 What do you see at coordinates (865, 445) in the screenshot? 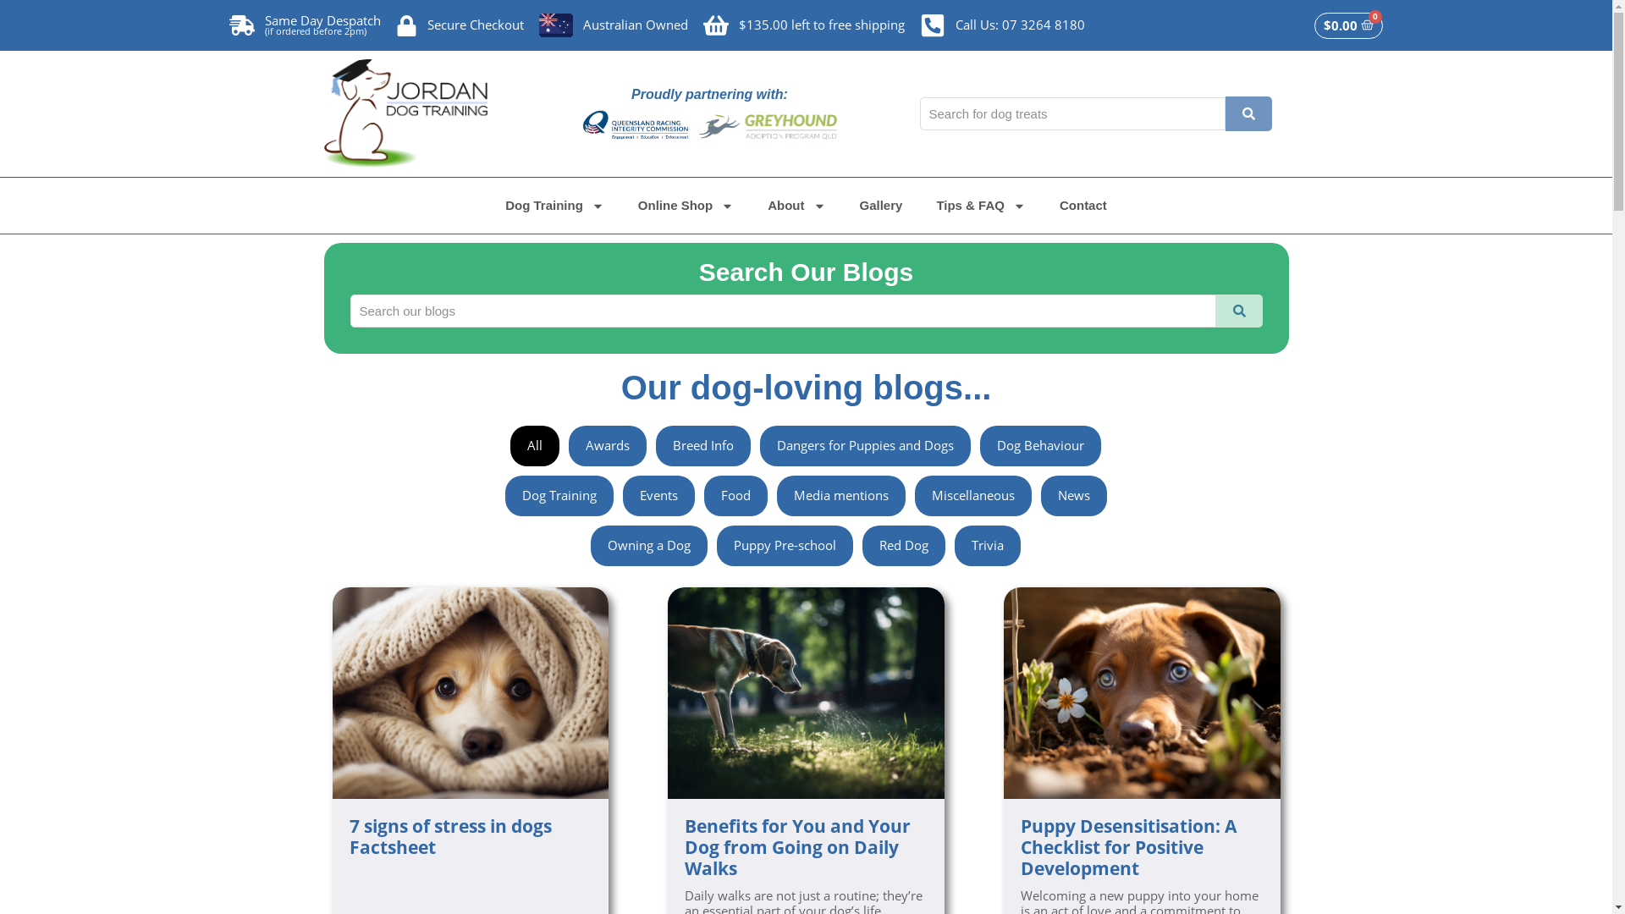
I see `'Dangers for Puppies and Dogs'` at bounding box center [865, 445].